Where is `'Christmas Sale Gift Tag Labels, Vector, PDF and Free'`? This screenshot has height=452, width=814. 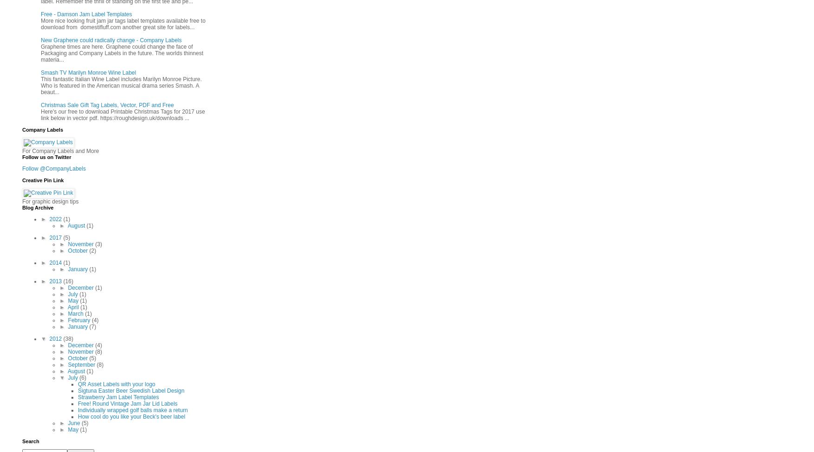 'Christmas Sale Gift Tag Labels, Vector, PDF and Free' is located at coordinates (107, 105).